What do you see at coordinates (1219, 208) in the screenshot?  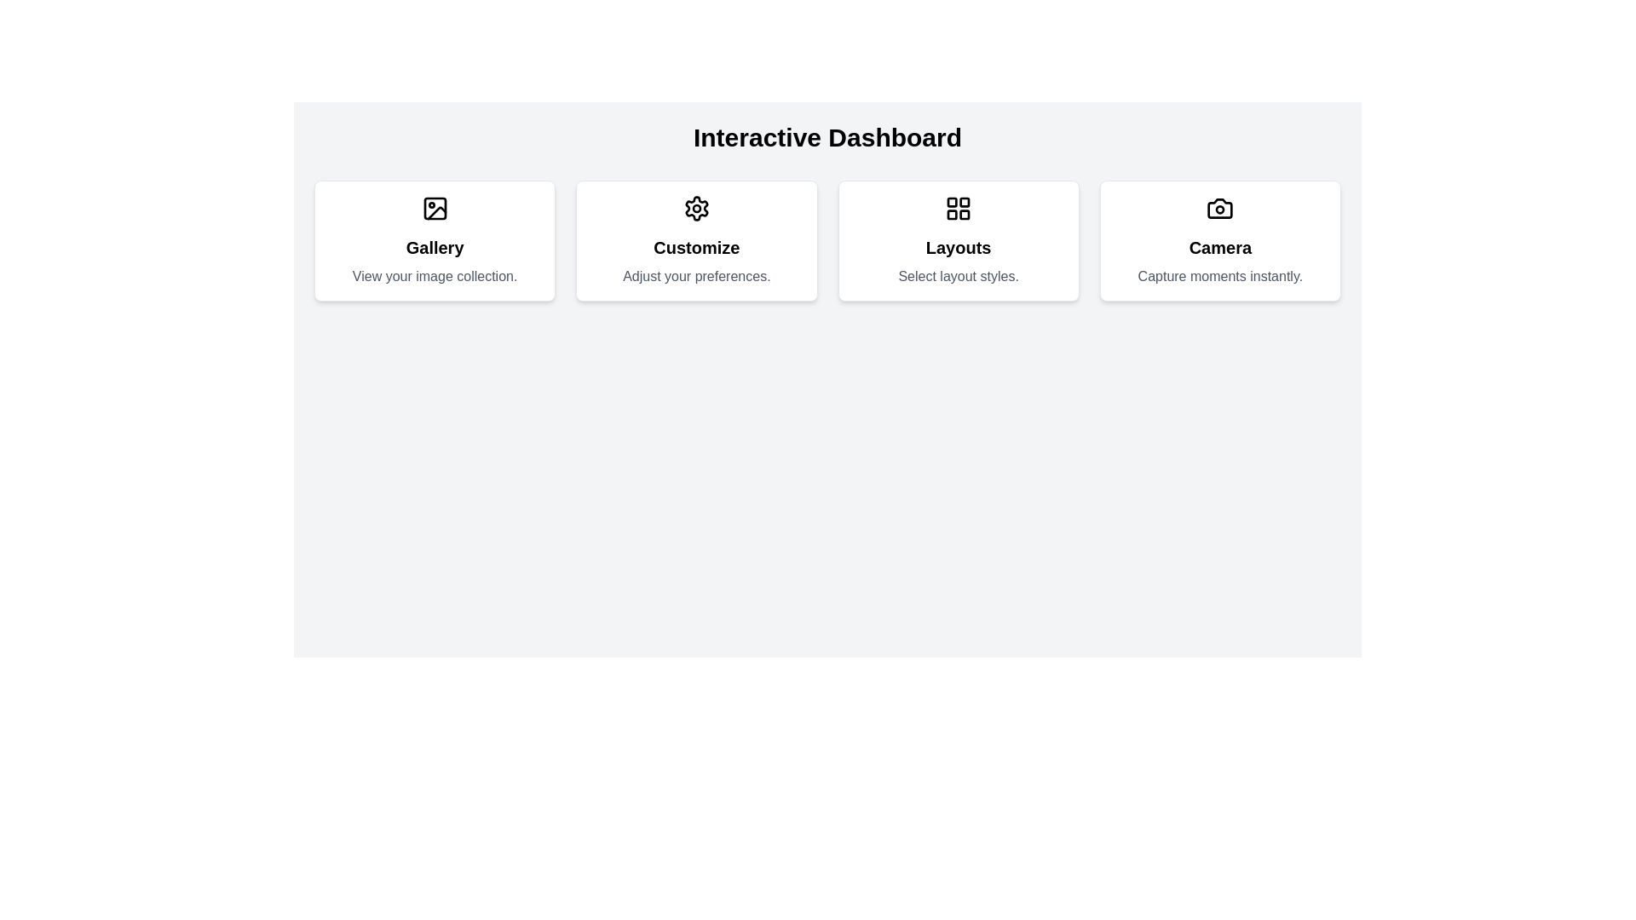 I see `the camera icon located in the bottom-right card titled 'Camera' with the description 'Capture moments instantly.'` at bounding box center [1219, 208].